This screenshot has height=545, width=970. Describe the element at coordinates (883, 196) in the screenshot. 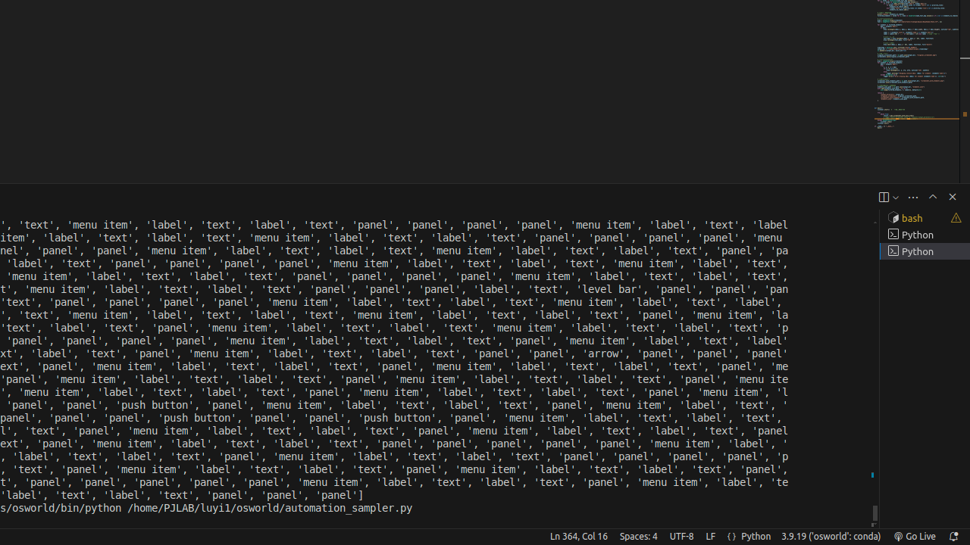

I see `'New Terminal (Ctrl+Shift+`) [Alt] Split Terminal (Ctrl+Shift+5)'` at that location.